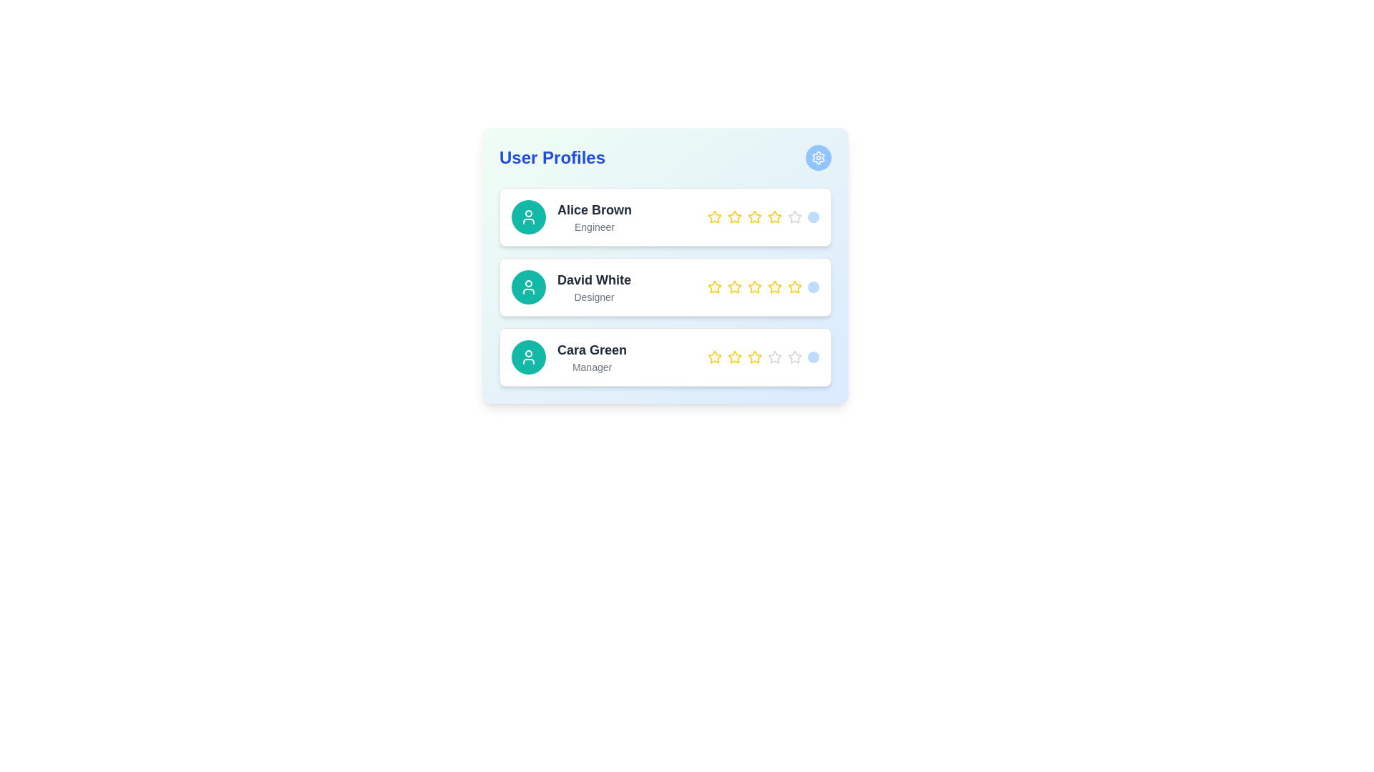  Describe the element at coordinates (762, 357) in the screenshot. I see `an individual star in the rating system for 'Cara Green' to update the rating` at that location.